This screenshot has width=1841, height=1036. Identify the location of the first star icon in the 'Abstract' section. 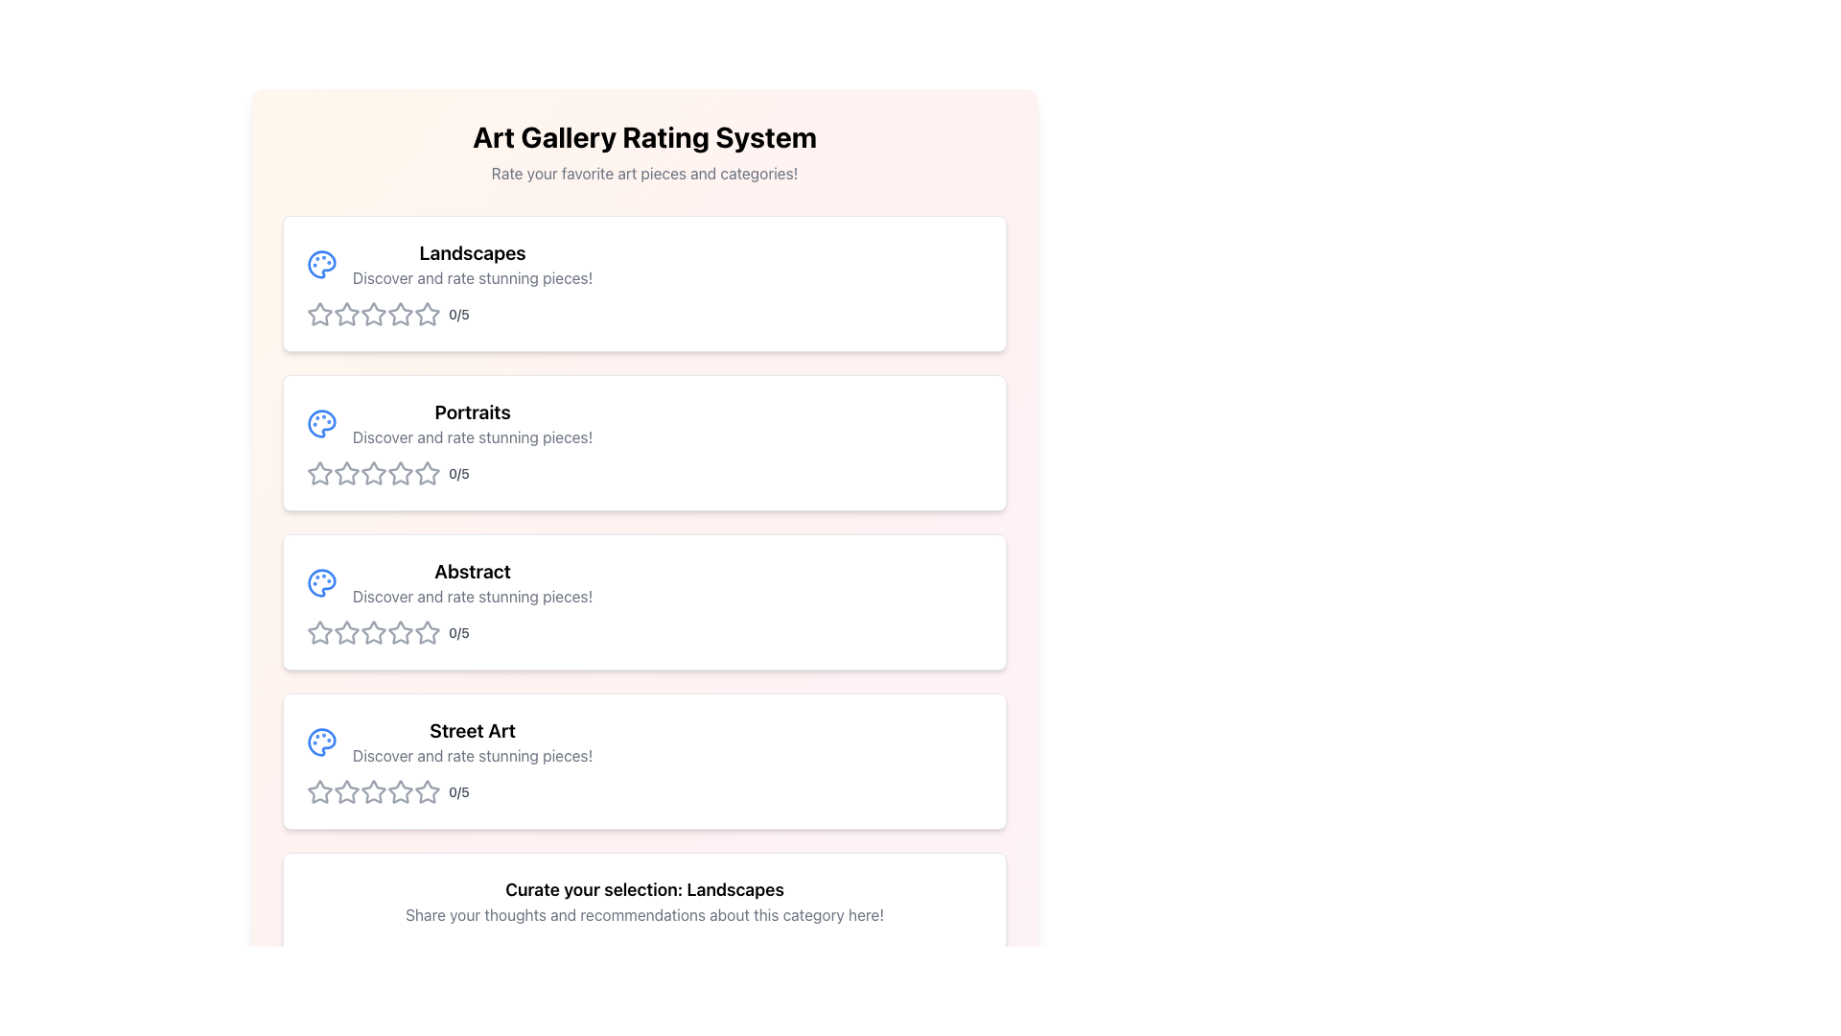
(346, 632).